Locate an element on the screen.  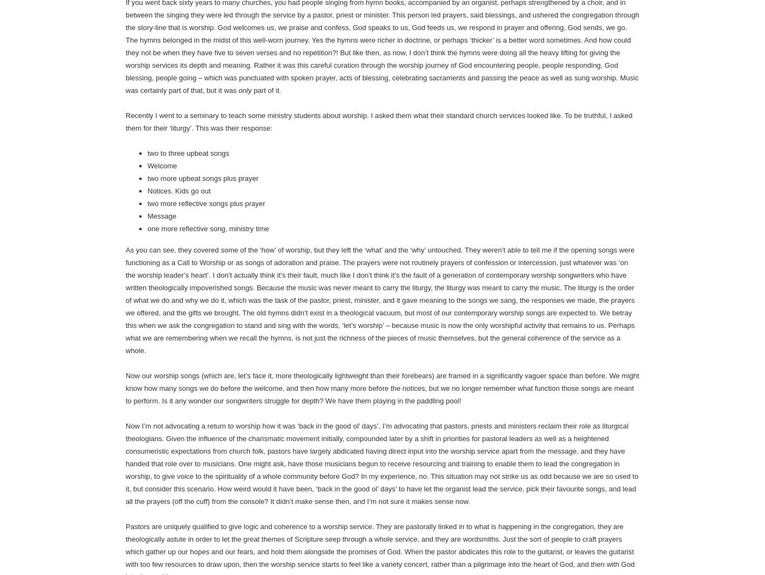
'Now our worship songs (which are, let’s face it, more theologically lightweight than their forebears) are framed in a significantly vaguer space than before. We might know how many songs we do before the welcome, and then how many more before the notices, but we no longer remember what function those songs are meant to perform. Is it any wonder our songwriters struggle for depth? We have them playing in the paddling pool!' is located at coordinates (382, 388).